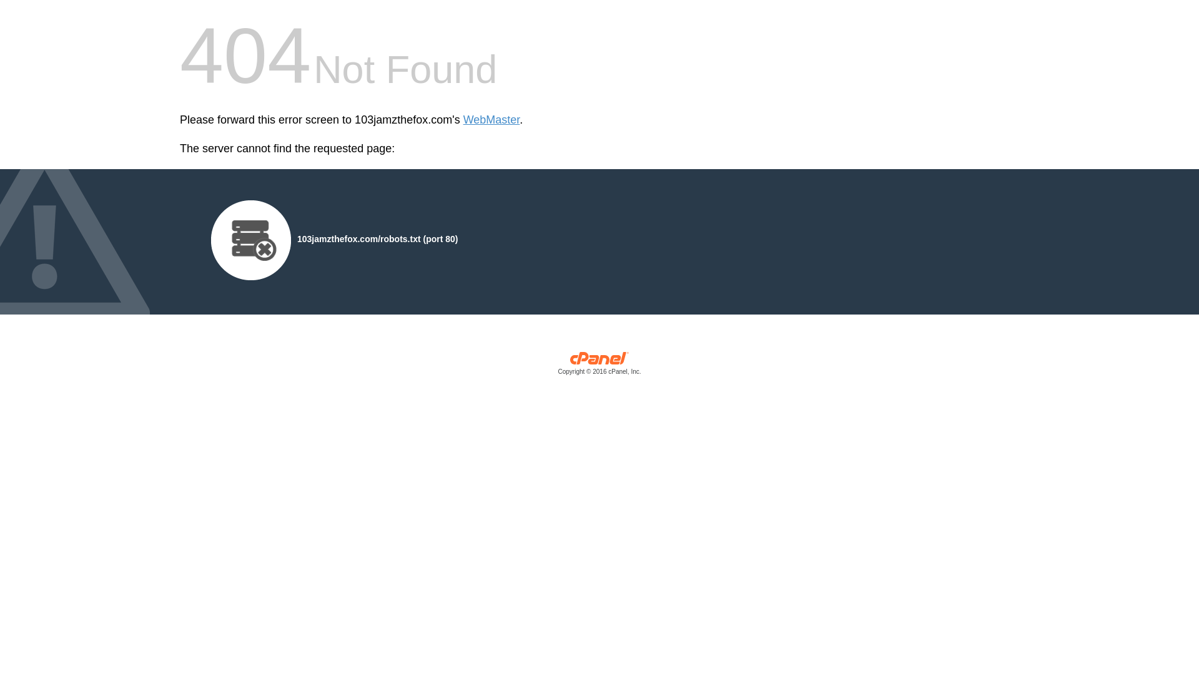 This screenshot has height=674, width=1199. What do you see at coordinates (491, 120) in the screenshot?
I see `'WebMaster'` at bounding box center [491, 120].